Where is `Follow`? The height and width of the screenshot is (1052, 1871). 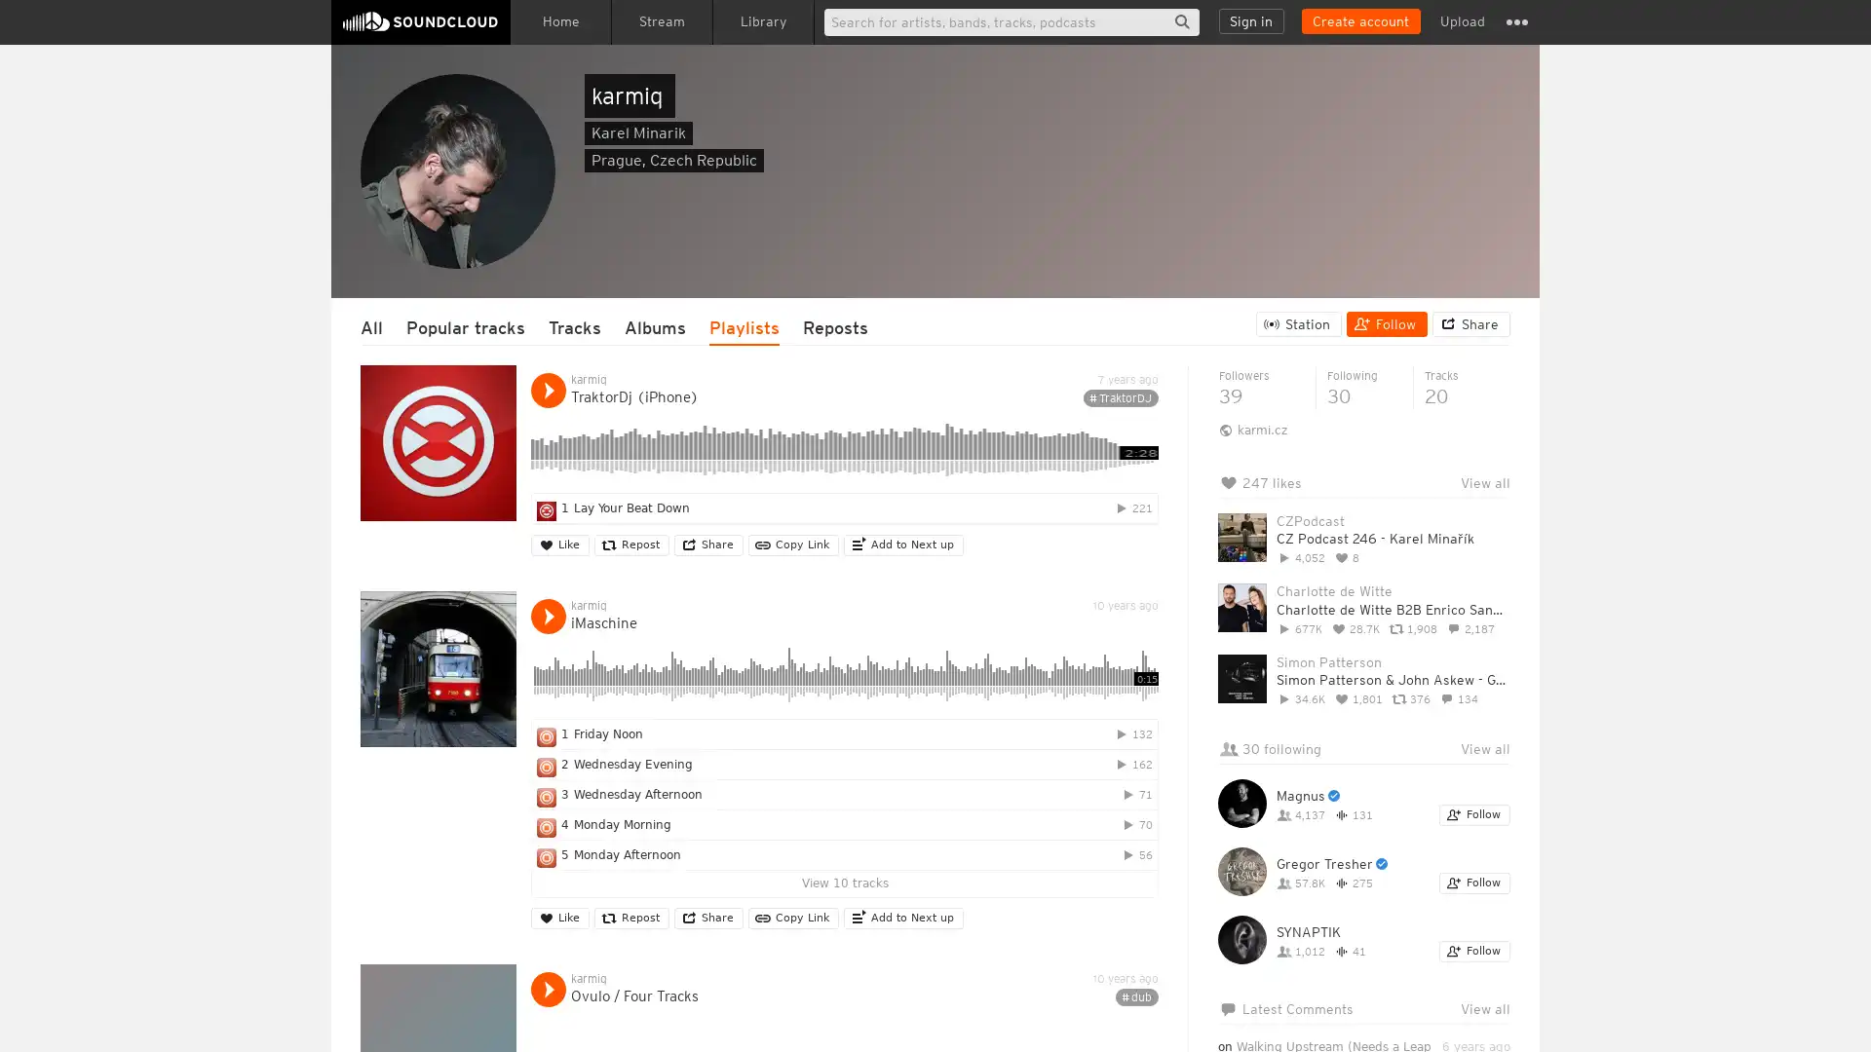
Follow is located at coordinates (1386, 322).